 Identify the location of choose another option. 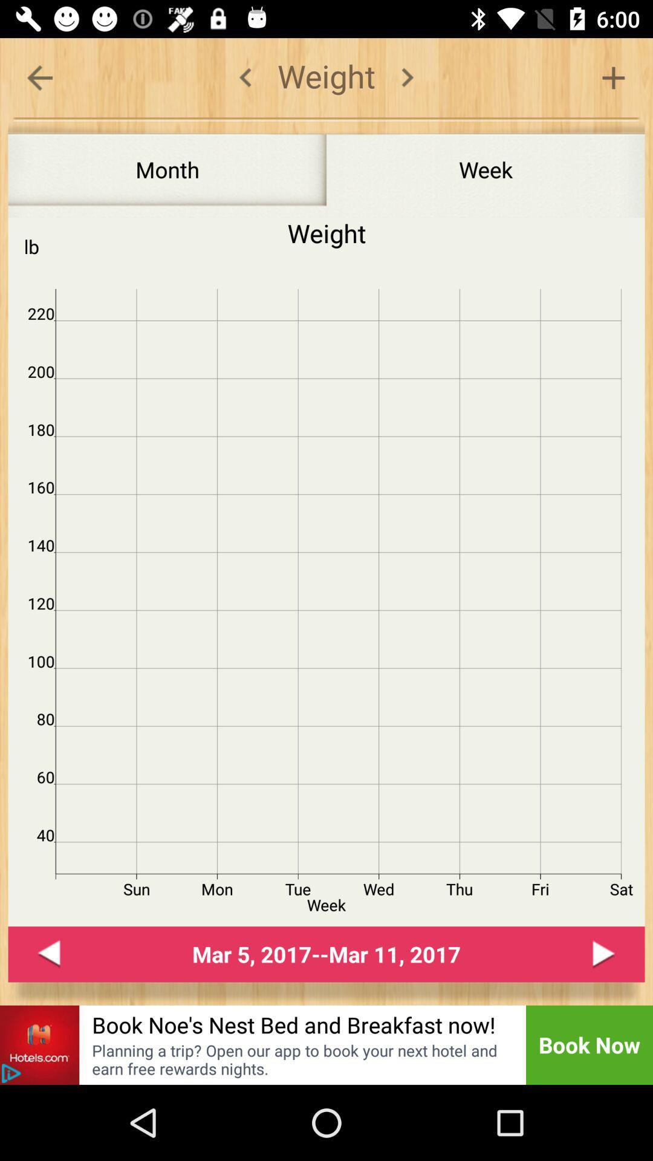
(613, 77).